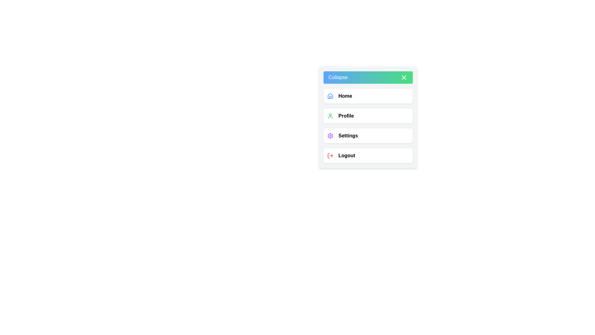  I want to click on the 'Home' menu item, so click(368, 96).